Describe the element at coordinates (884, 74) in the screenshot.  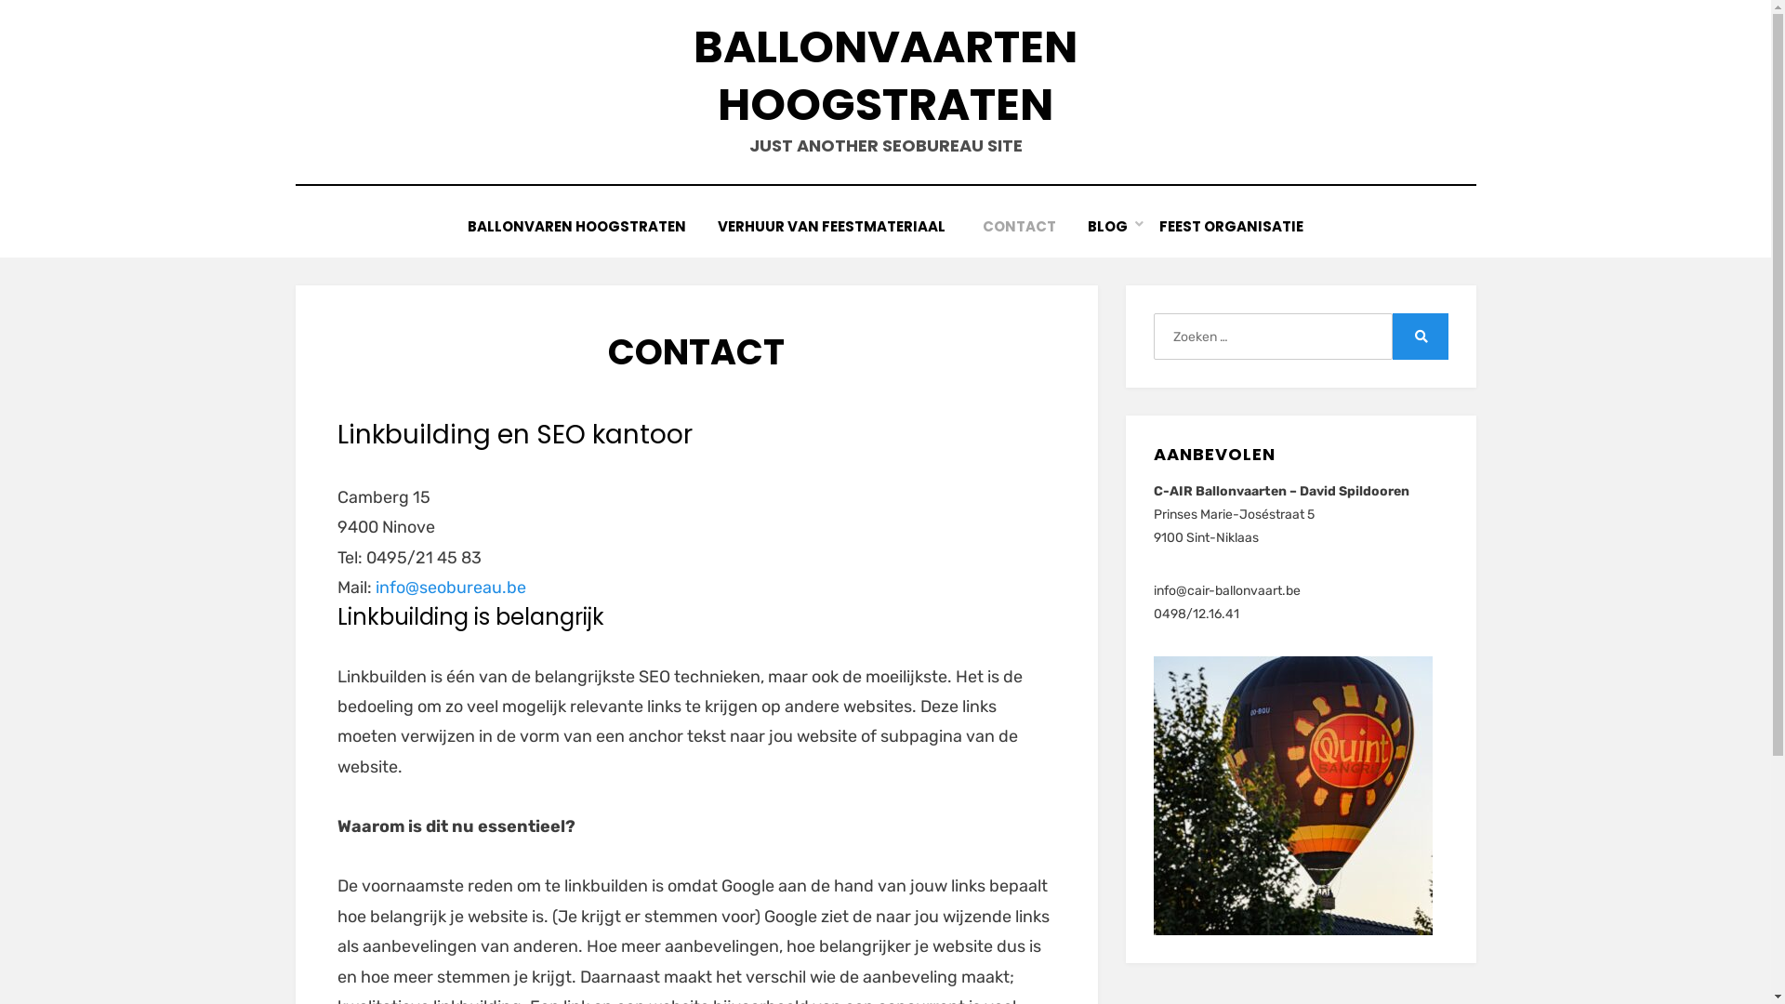
I see `'BALLONVAARTEN HOOGSTRATEN'` at that location.